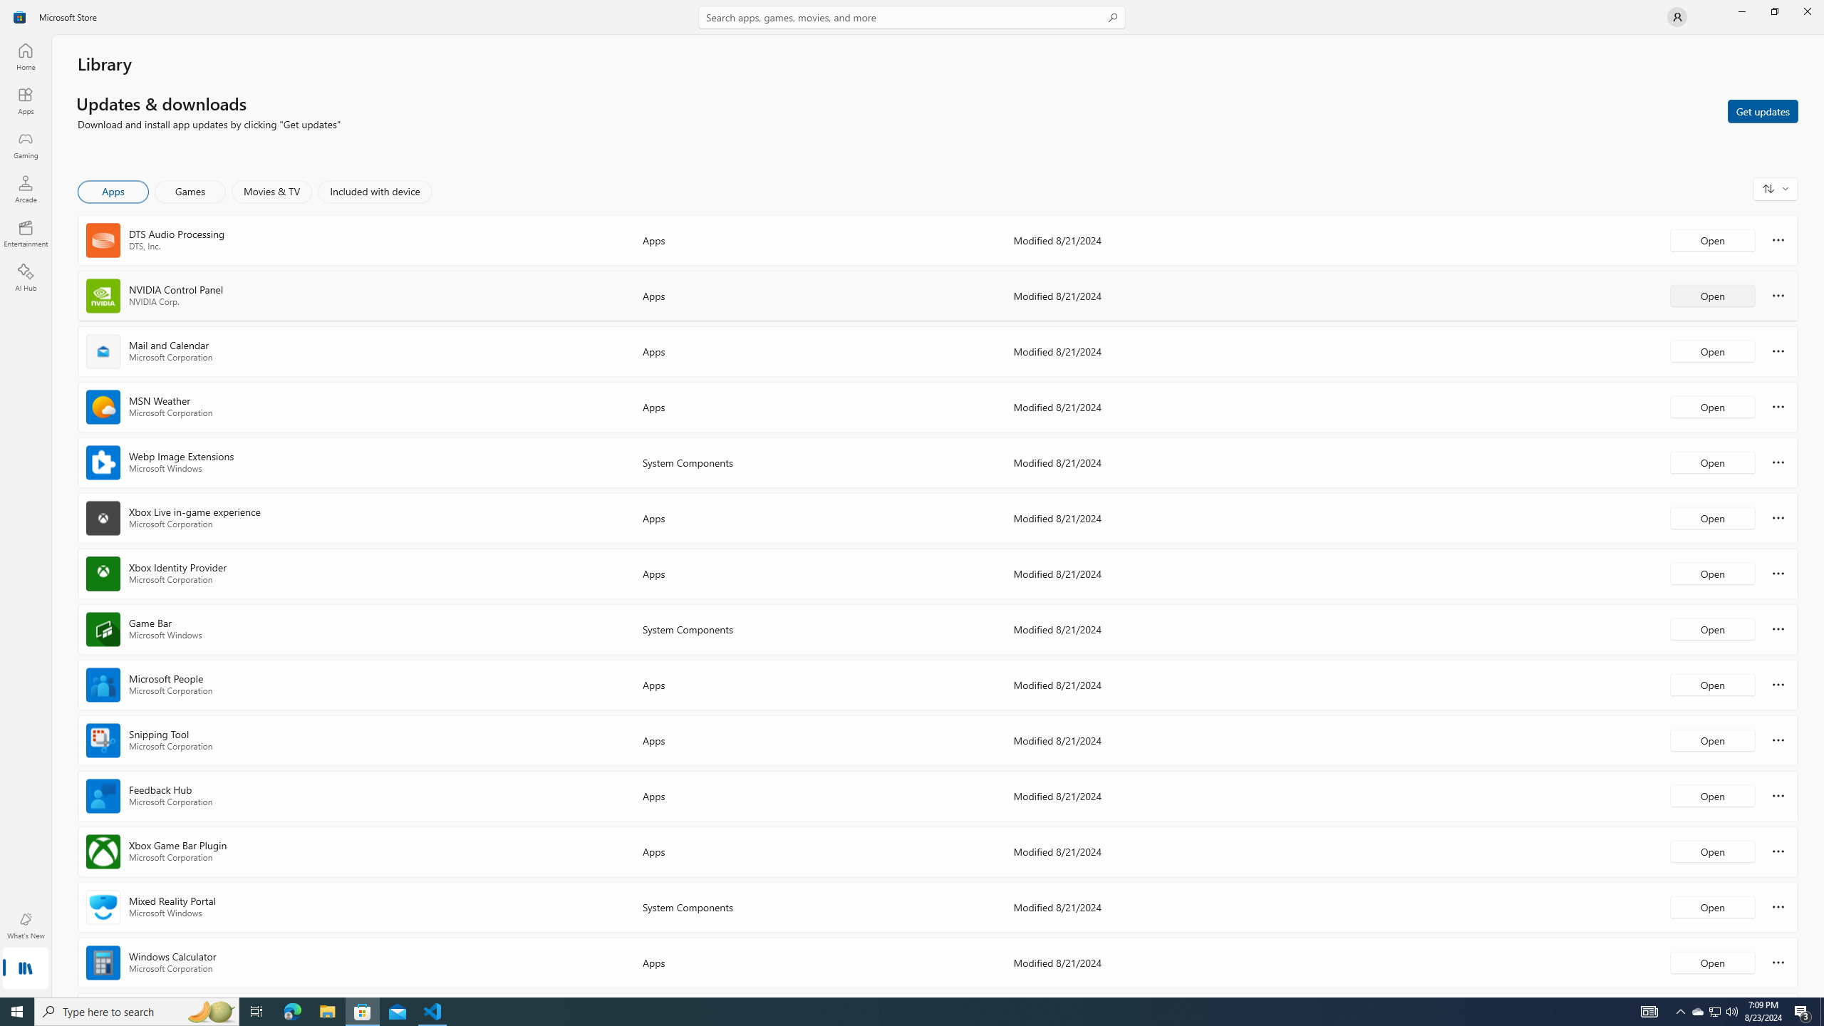 The width and height of the screenshot is (1824, 1026). I want to click on 'Sort and filter', so click(1775, 188).